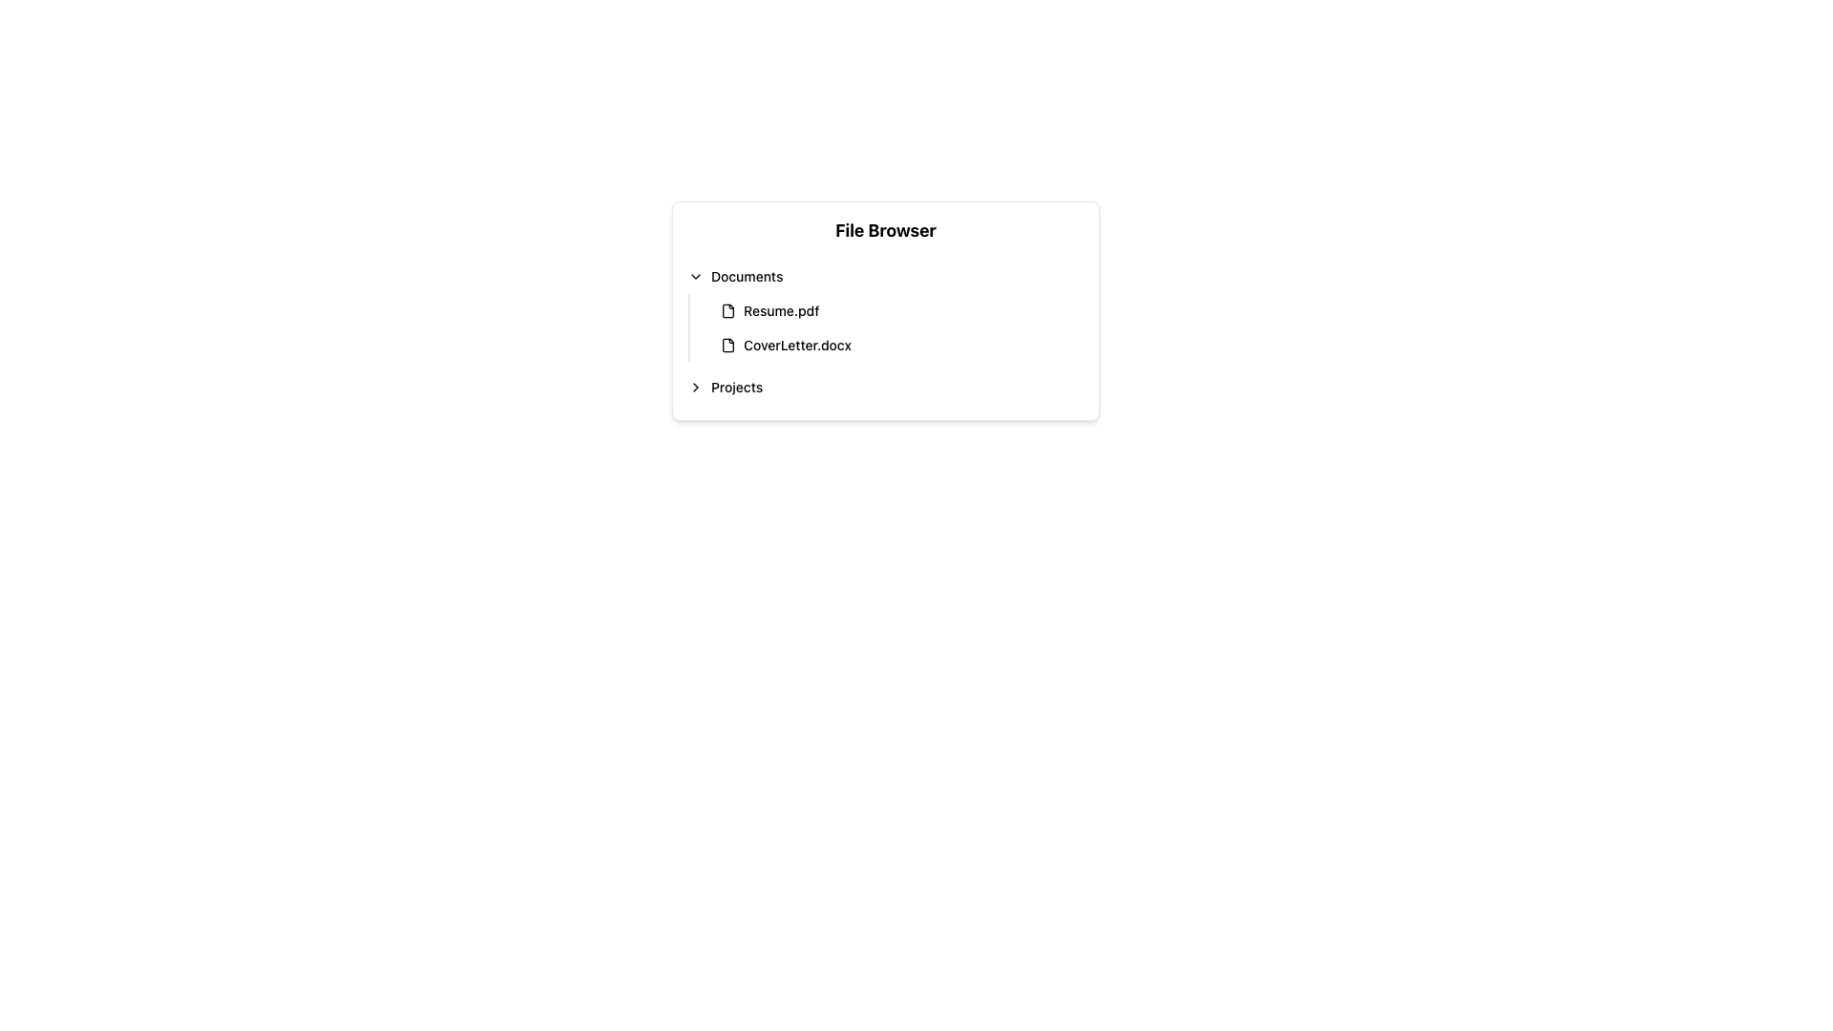 Image resolution: width=1833 pixels, height=1031 pixels. Describe the element at coordinates (884, 387) in the screenshot. I see `the interactive item for 'Projects' in the file browser, located below 'CoverLetter.docx'` at that location.